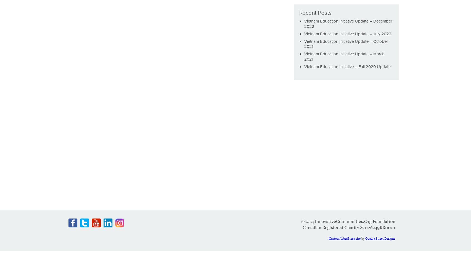 This screenshot has height=278, width=471. Describe the element at coordinates (315, 13) in the screenshot. I see `'Recent Posts'` at that location.